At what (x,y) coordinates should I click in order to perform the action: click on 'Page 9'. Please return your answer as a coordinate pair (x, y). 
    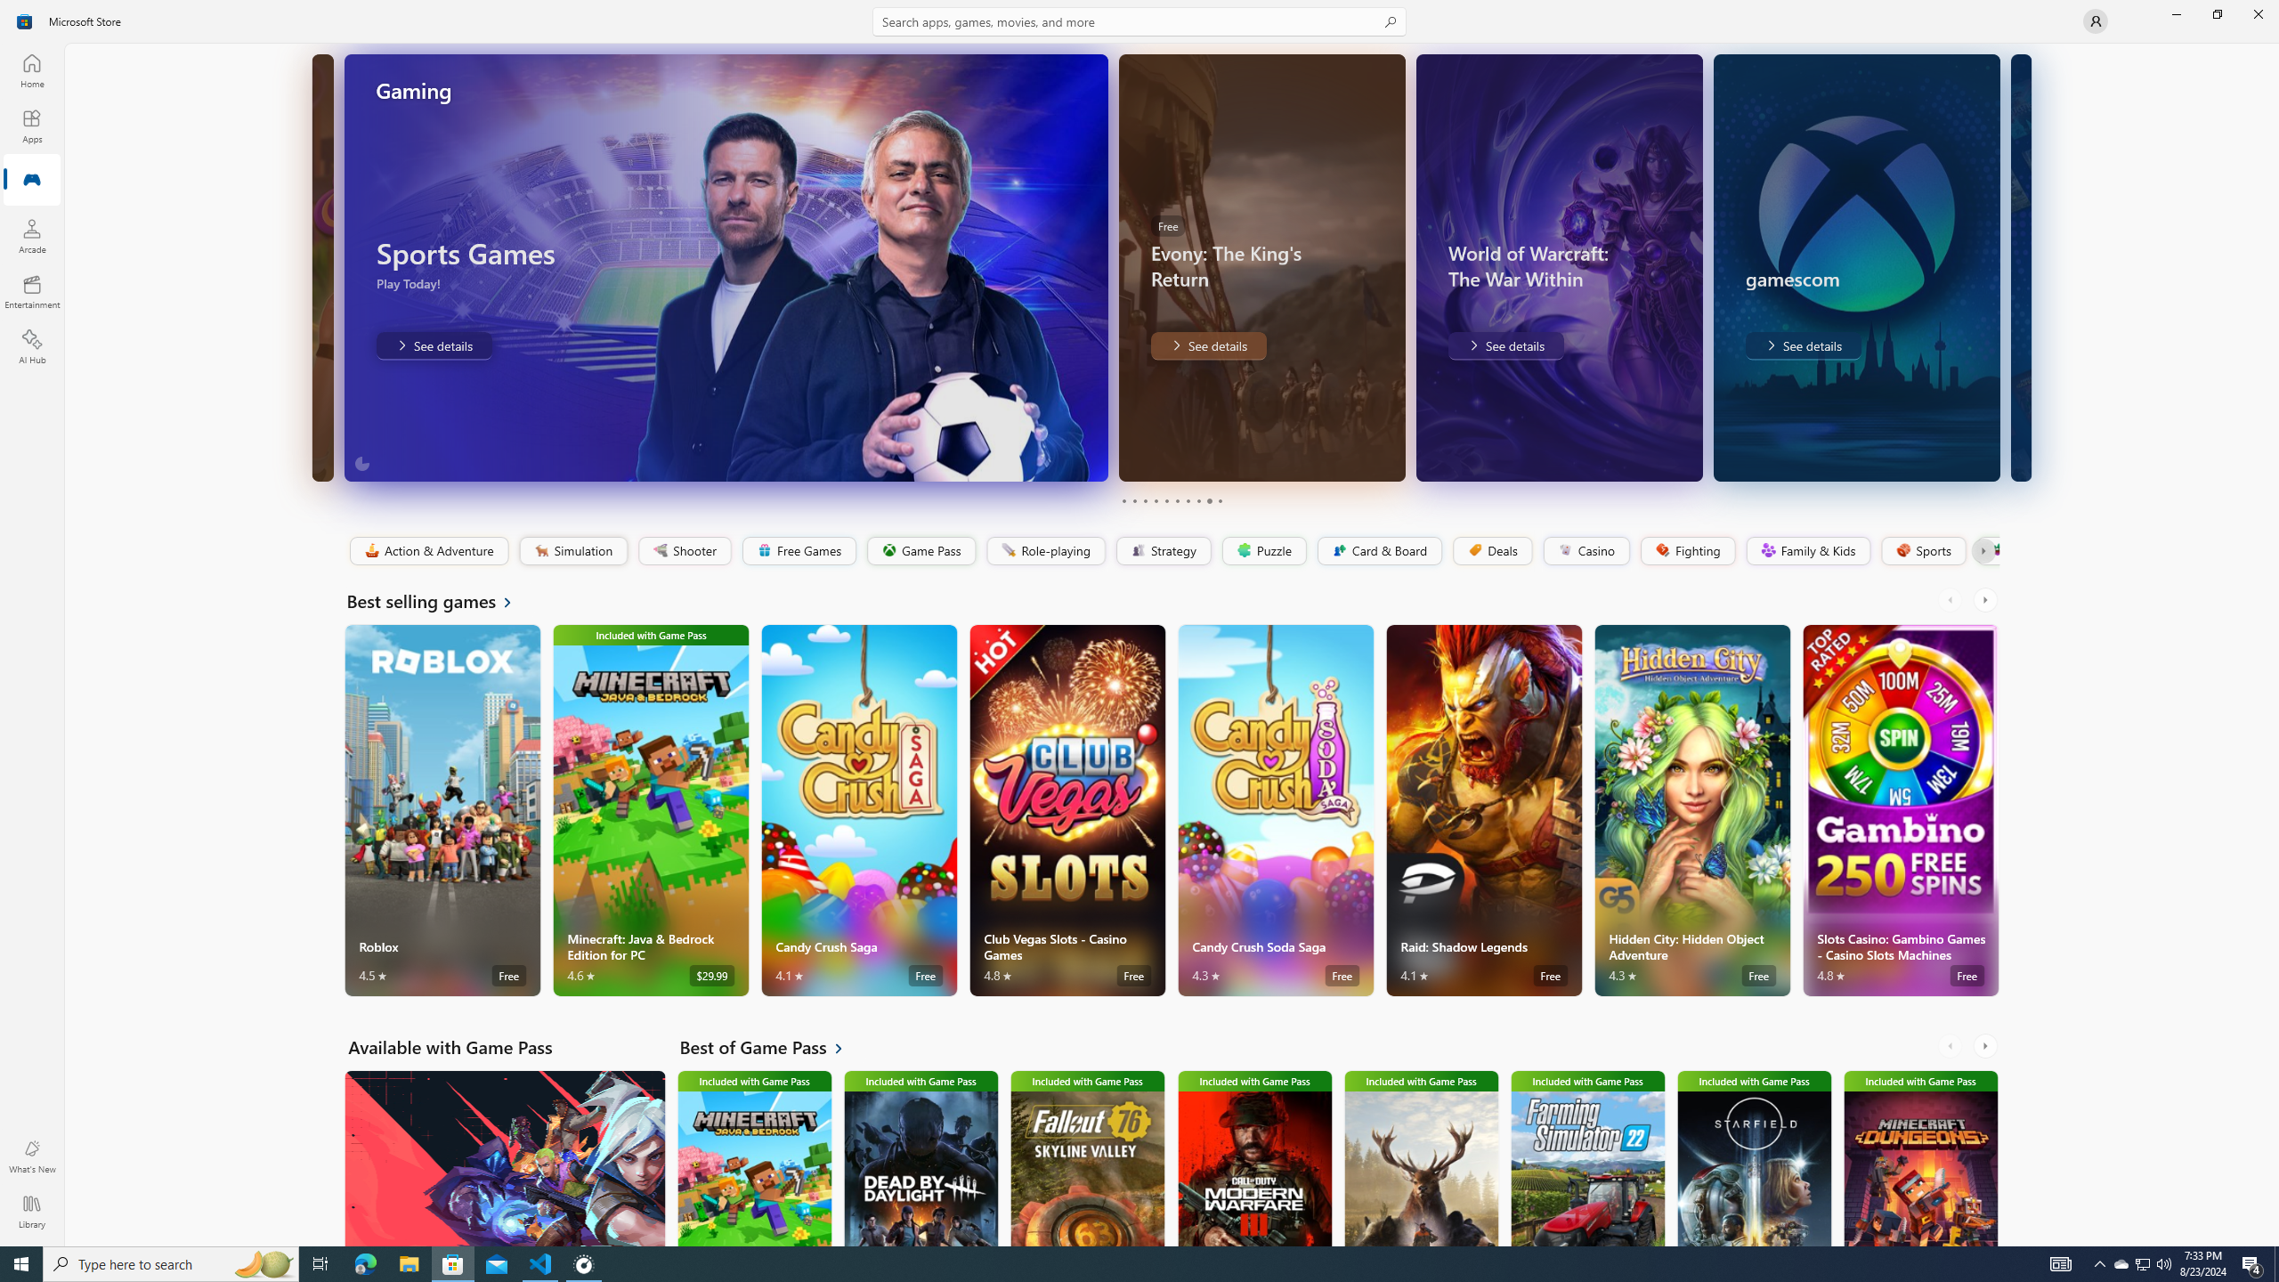
    Looking at the image, I should click on (1208, 500).